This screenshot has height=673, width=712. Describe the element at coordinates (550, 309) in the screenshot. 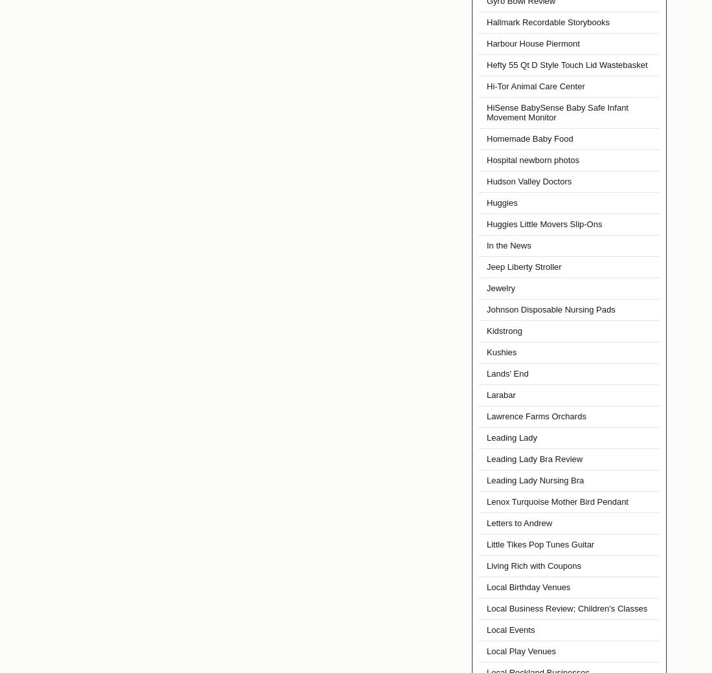

I see `'Johnson Disposable Nursing Pads'` at that location.